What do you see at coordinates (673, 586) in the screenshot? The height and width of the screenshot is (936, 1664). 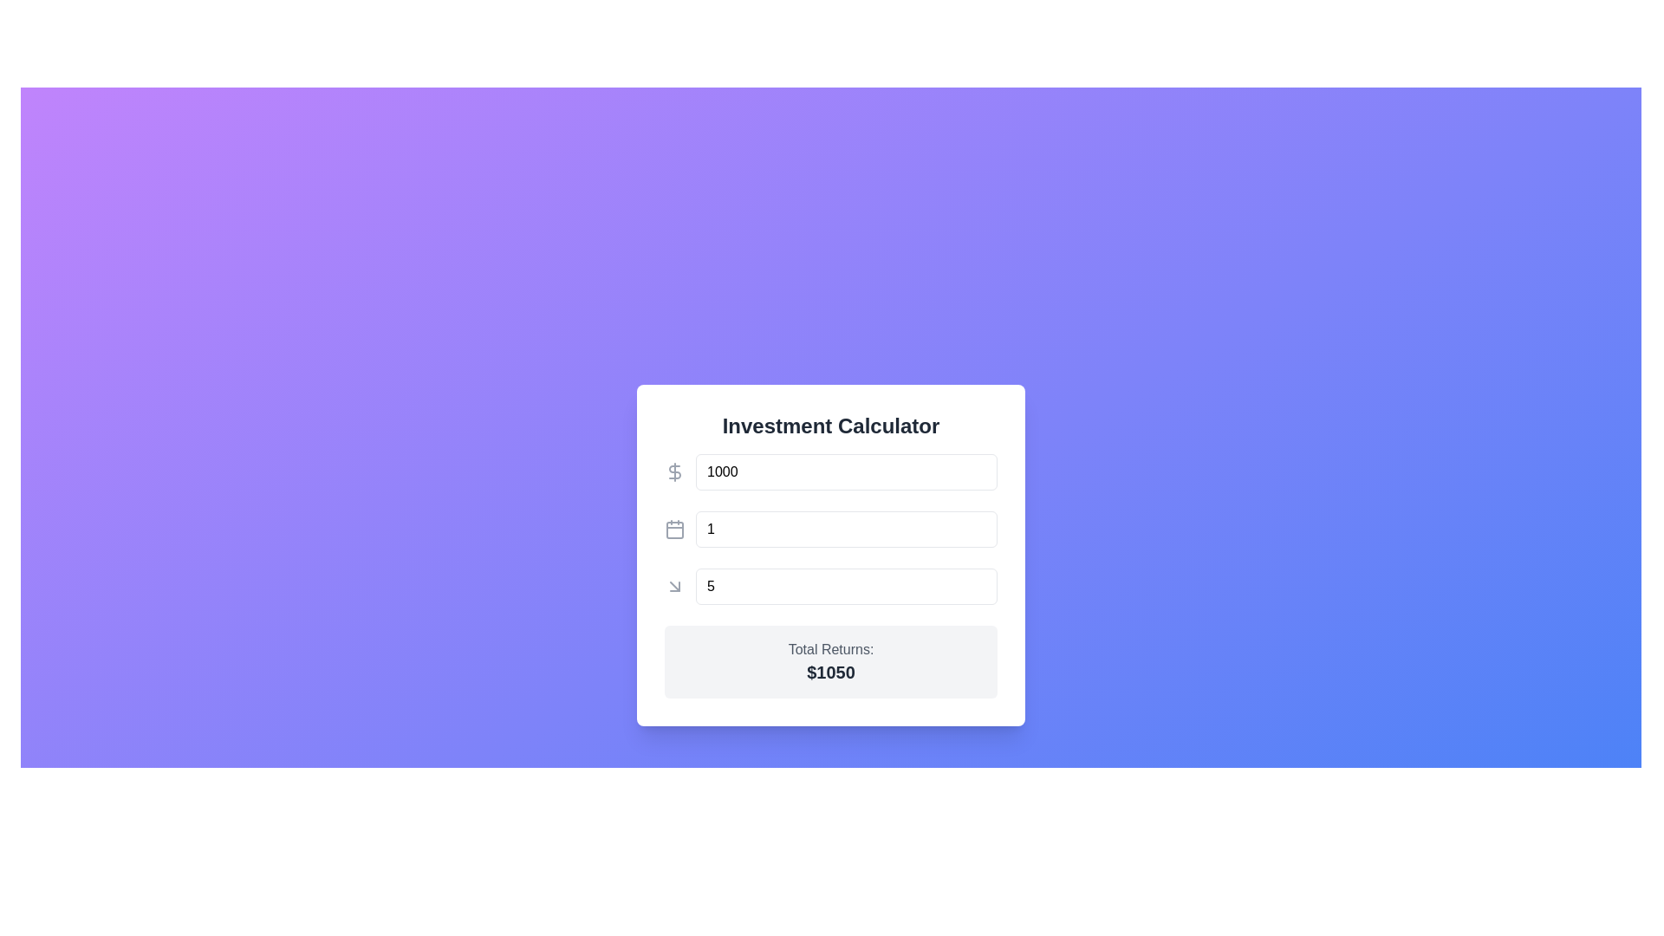 I see `the small diagonal arrow icon pointing down and to the right, which is located to the left of the input field labeled 'Interest Rate (%)'` at bounding box center [673, 586].